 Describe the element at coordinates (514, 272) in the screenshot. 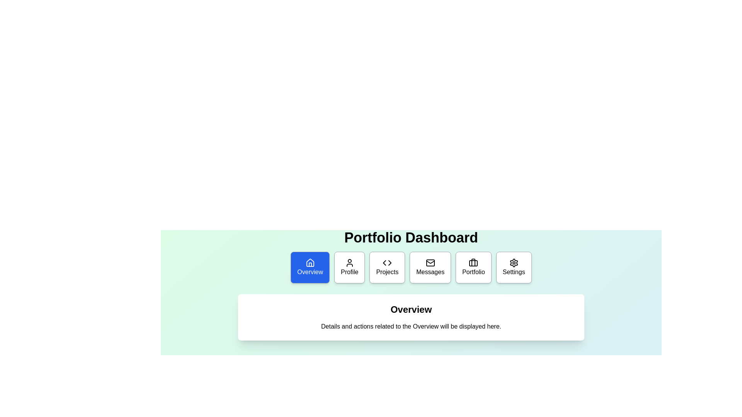

I see `the 'Settings' text label, which is the last item in the menu options following 'Overview', 'Profile', 'Projects', 'Messages', and 'Portfolio', and is associated with a gear icon` at that location.